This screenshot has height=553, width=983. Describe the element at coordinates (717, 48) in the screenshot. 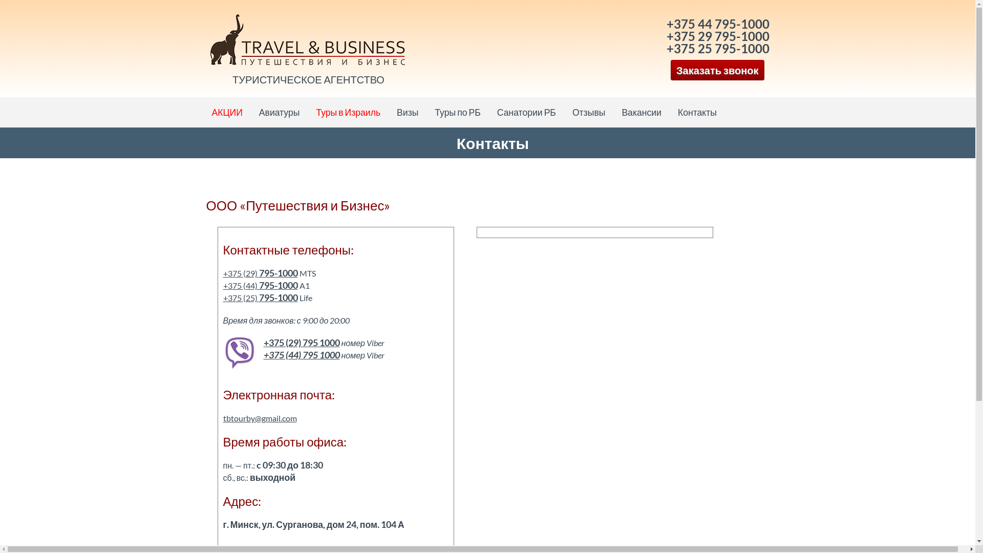

I see `'+375 25 795-1000'` at that location.